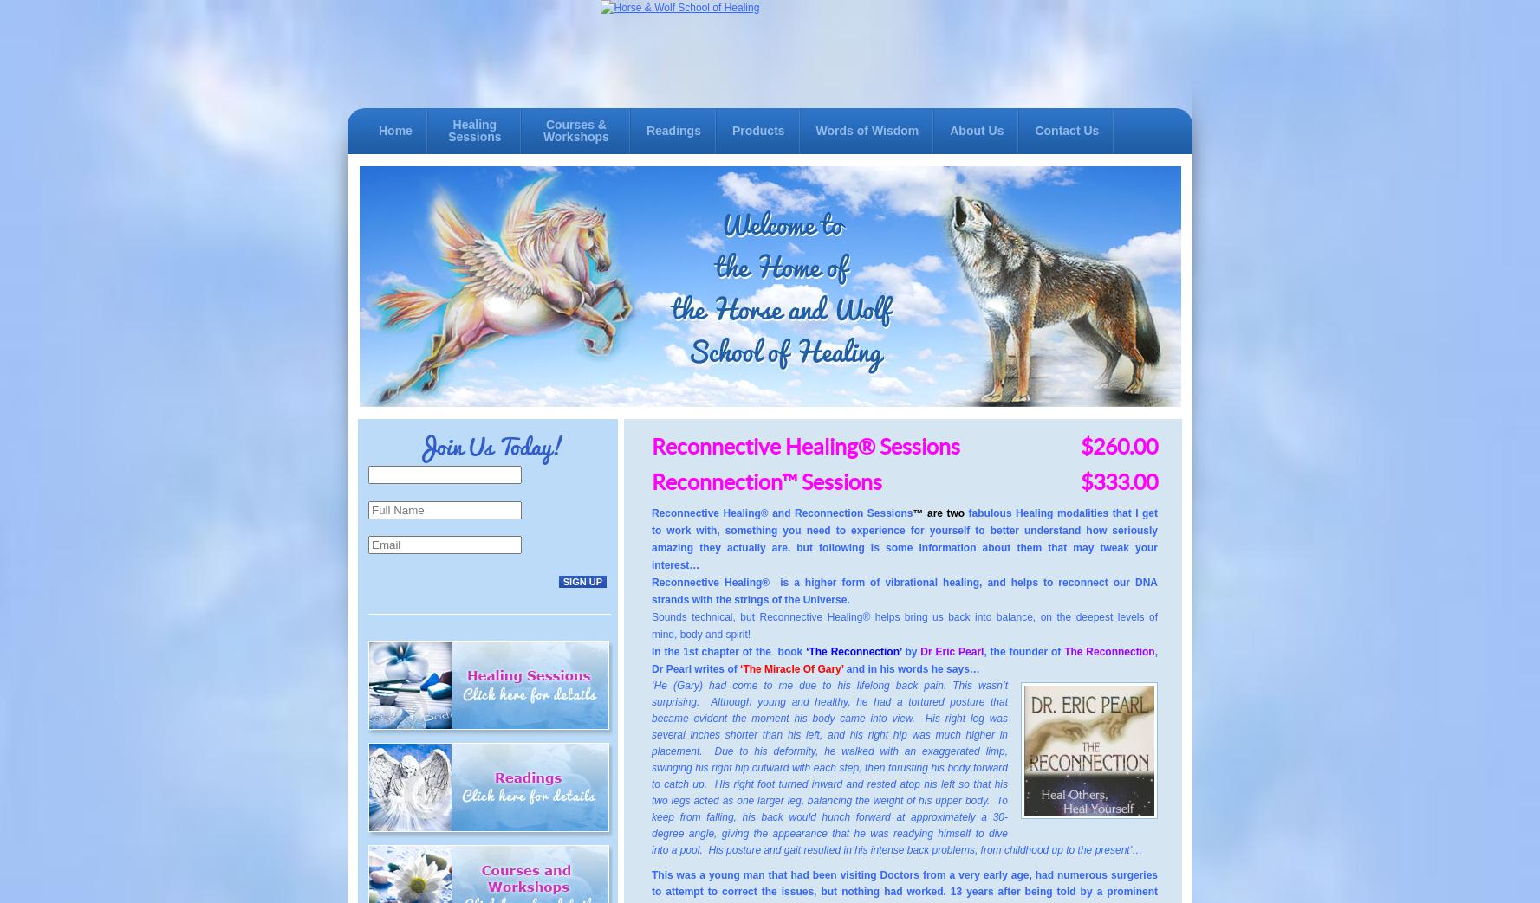 The image size is (1540, 903). Describe the element at coordinates (1118, 445) in the screenshot. I see `'$260.00'` at that location.